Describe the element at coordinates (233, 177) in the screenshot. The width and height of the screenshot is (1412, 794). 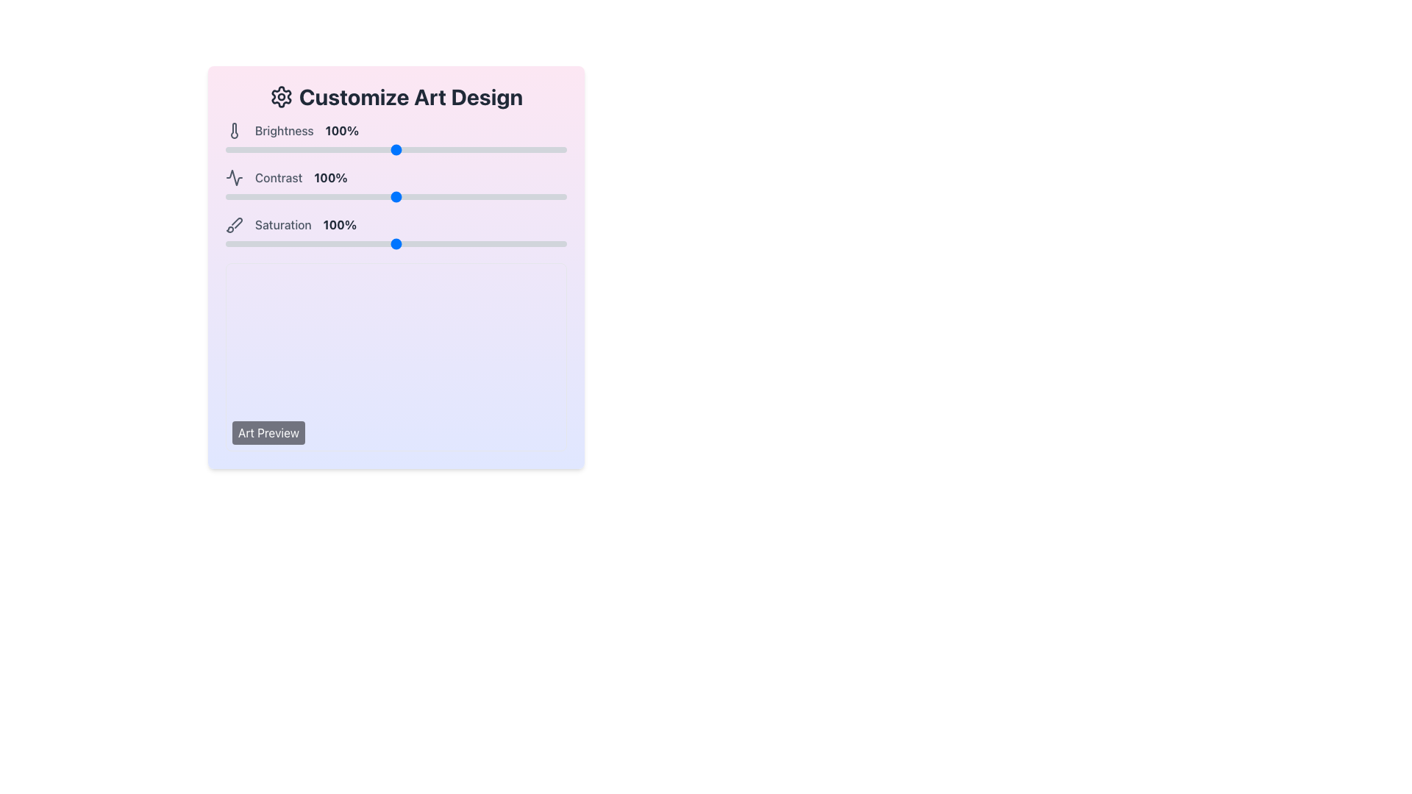
I see `the 'contrast' icon located to the left of the 'Contrast' label in the 'Customize Art Design' panel` at that location.